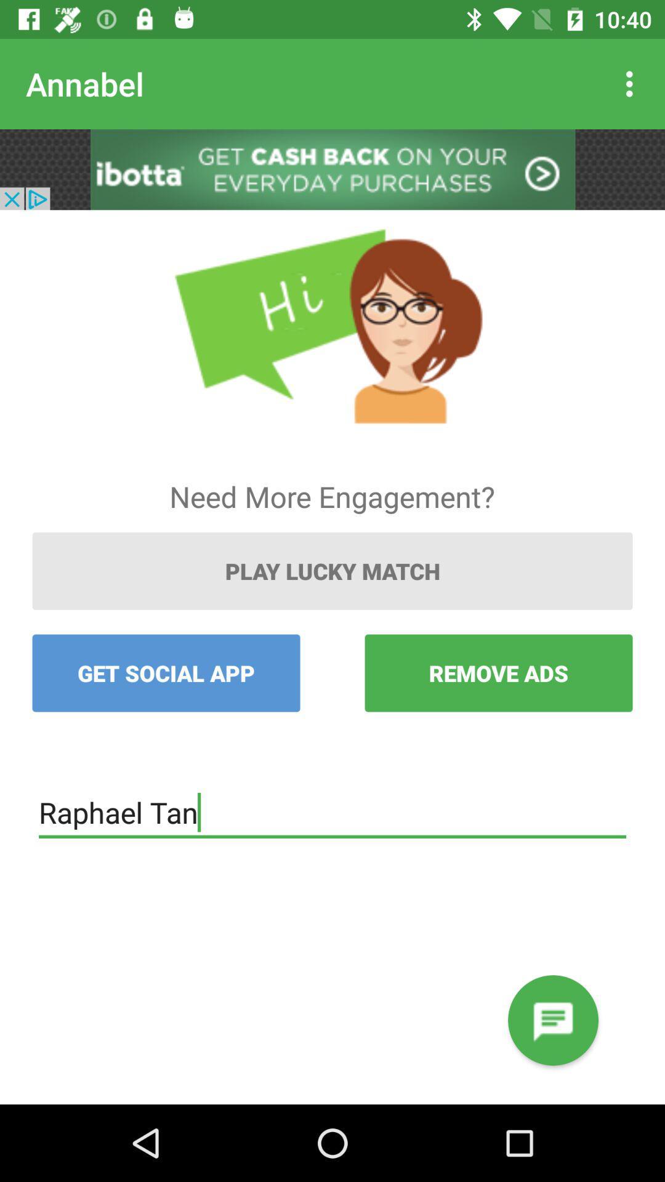 The image size is (665, 1182). What do you see at coordinates (552, 1020) in the screenshot?
I see `write message` at bounding box center [552, 1020].